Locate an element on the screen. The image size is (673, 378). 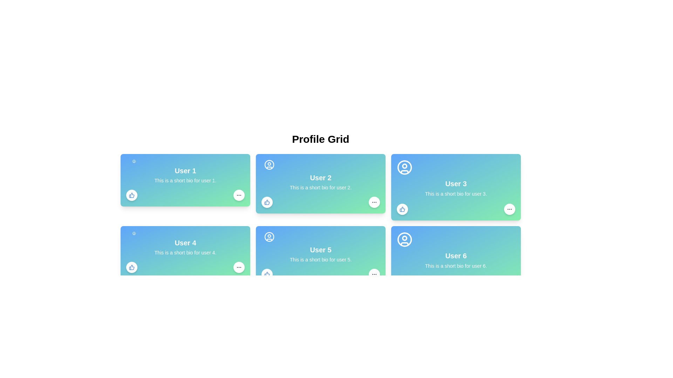
the circular button with a blue thumbs-up icon located at the bottom-left corner of the 'User 5' card to like the profile is located at coordinates (267, 274).